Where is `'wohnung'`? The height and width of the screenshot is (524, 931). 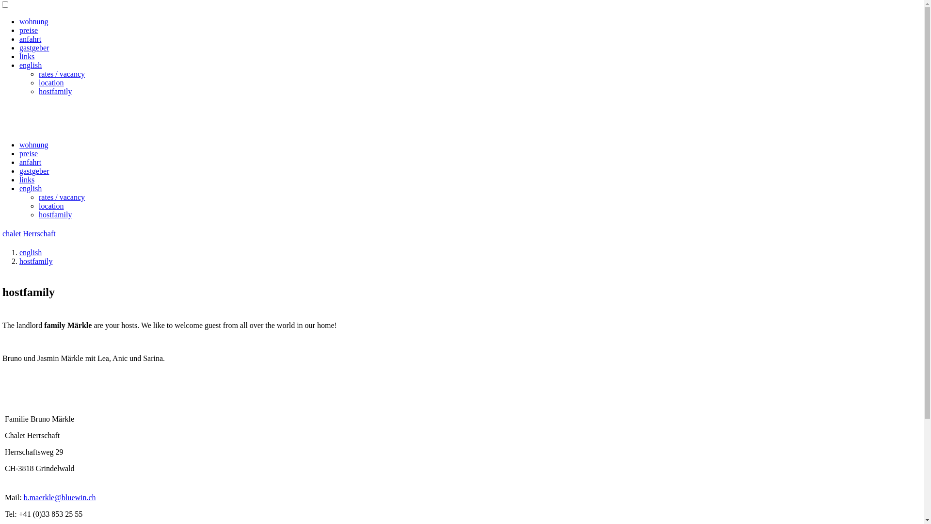 'wohnung' is located at coordinates (34, 145).